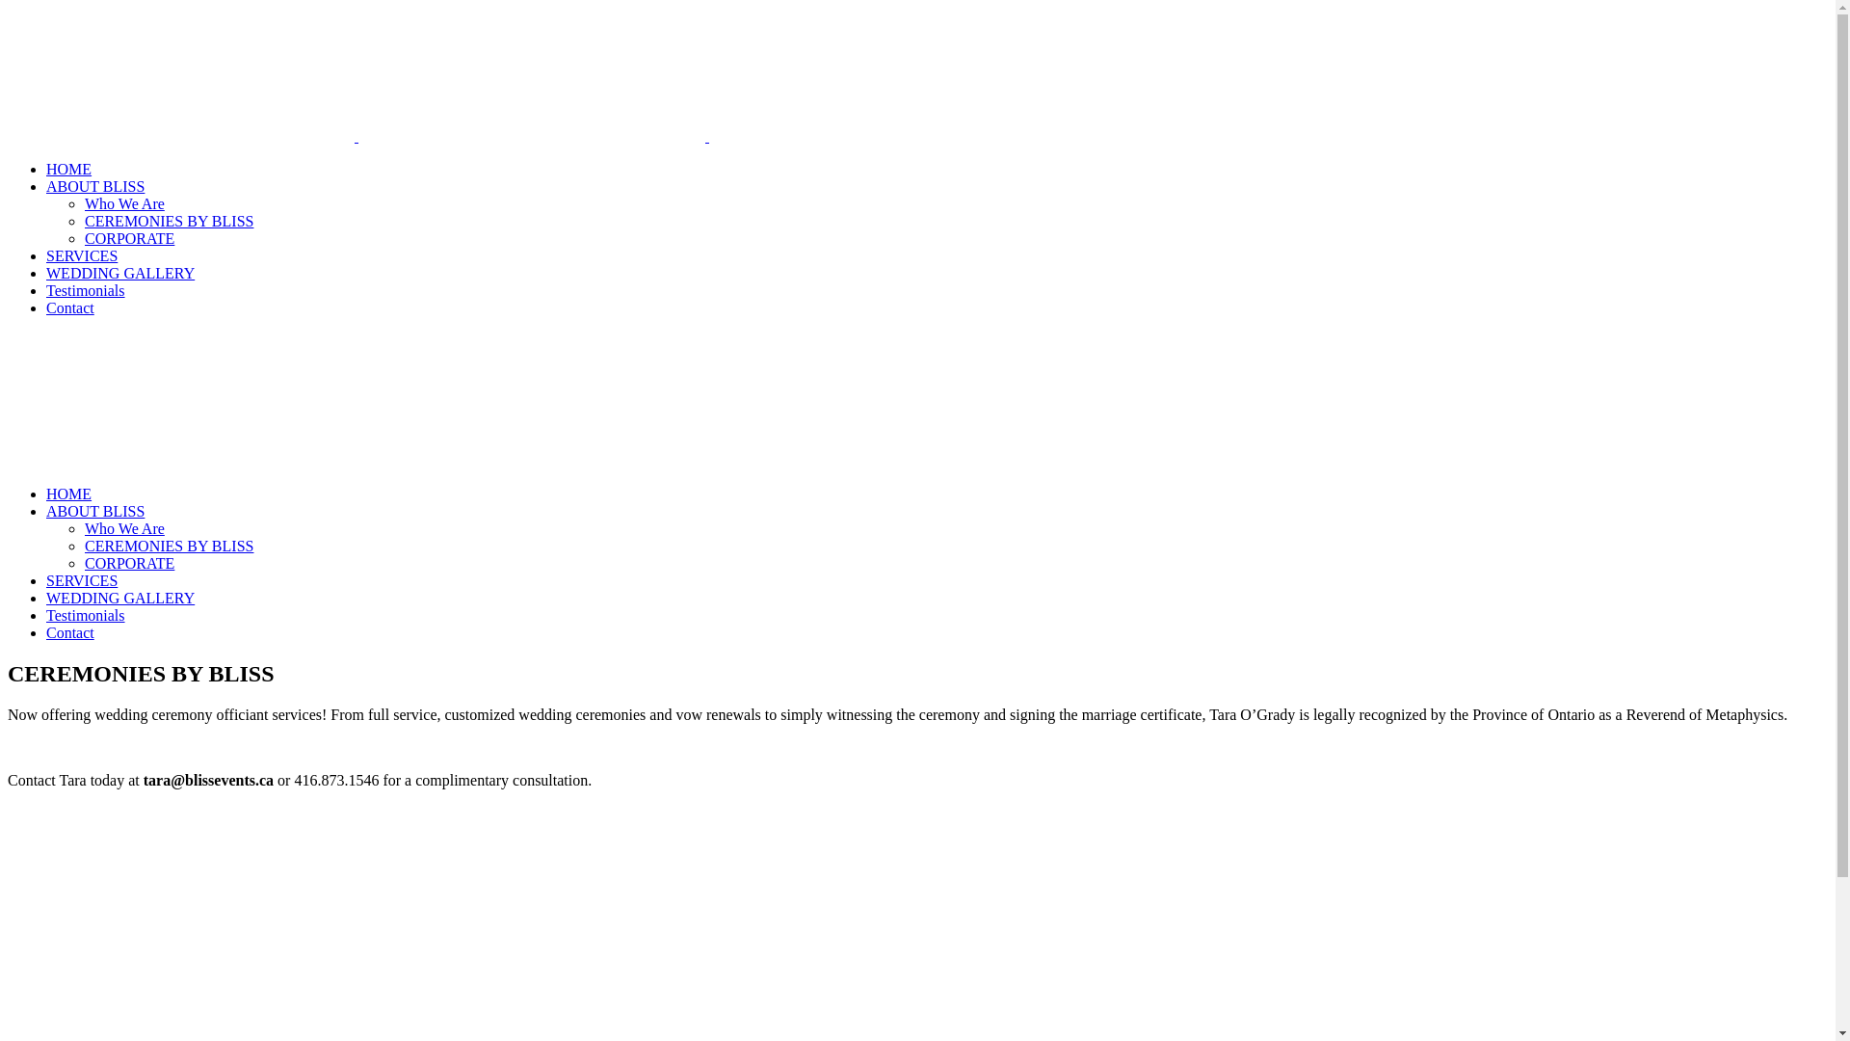 Image resolution: width=1850 pixels, height=1041 pixels. I want to click on 'WEDDING GALLERY', so click(46, 273).